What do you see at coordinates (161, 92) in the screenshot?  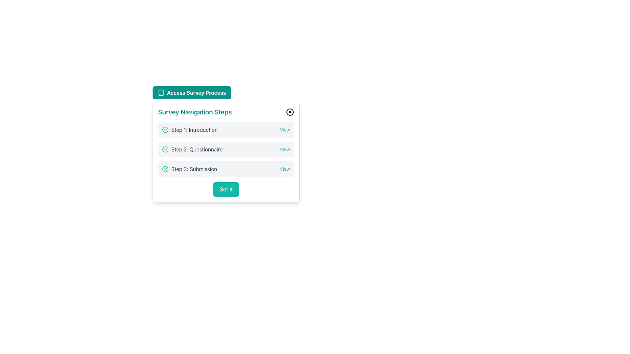 I see `the minimalistic book icon located at the left edge of the teal button labeled 'Access Survey Process'` at bounding box center [161, 92].